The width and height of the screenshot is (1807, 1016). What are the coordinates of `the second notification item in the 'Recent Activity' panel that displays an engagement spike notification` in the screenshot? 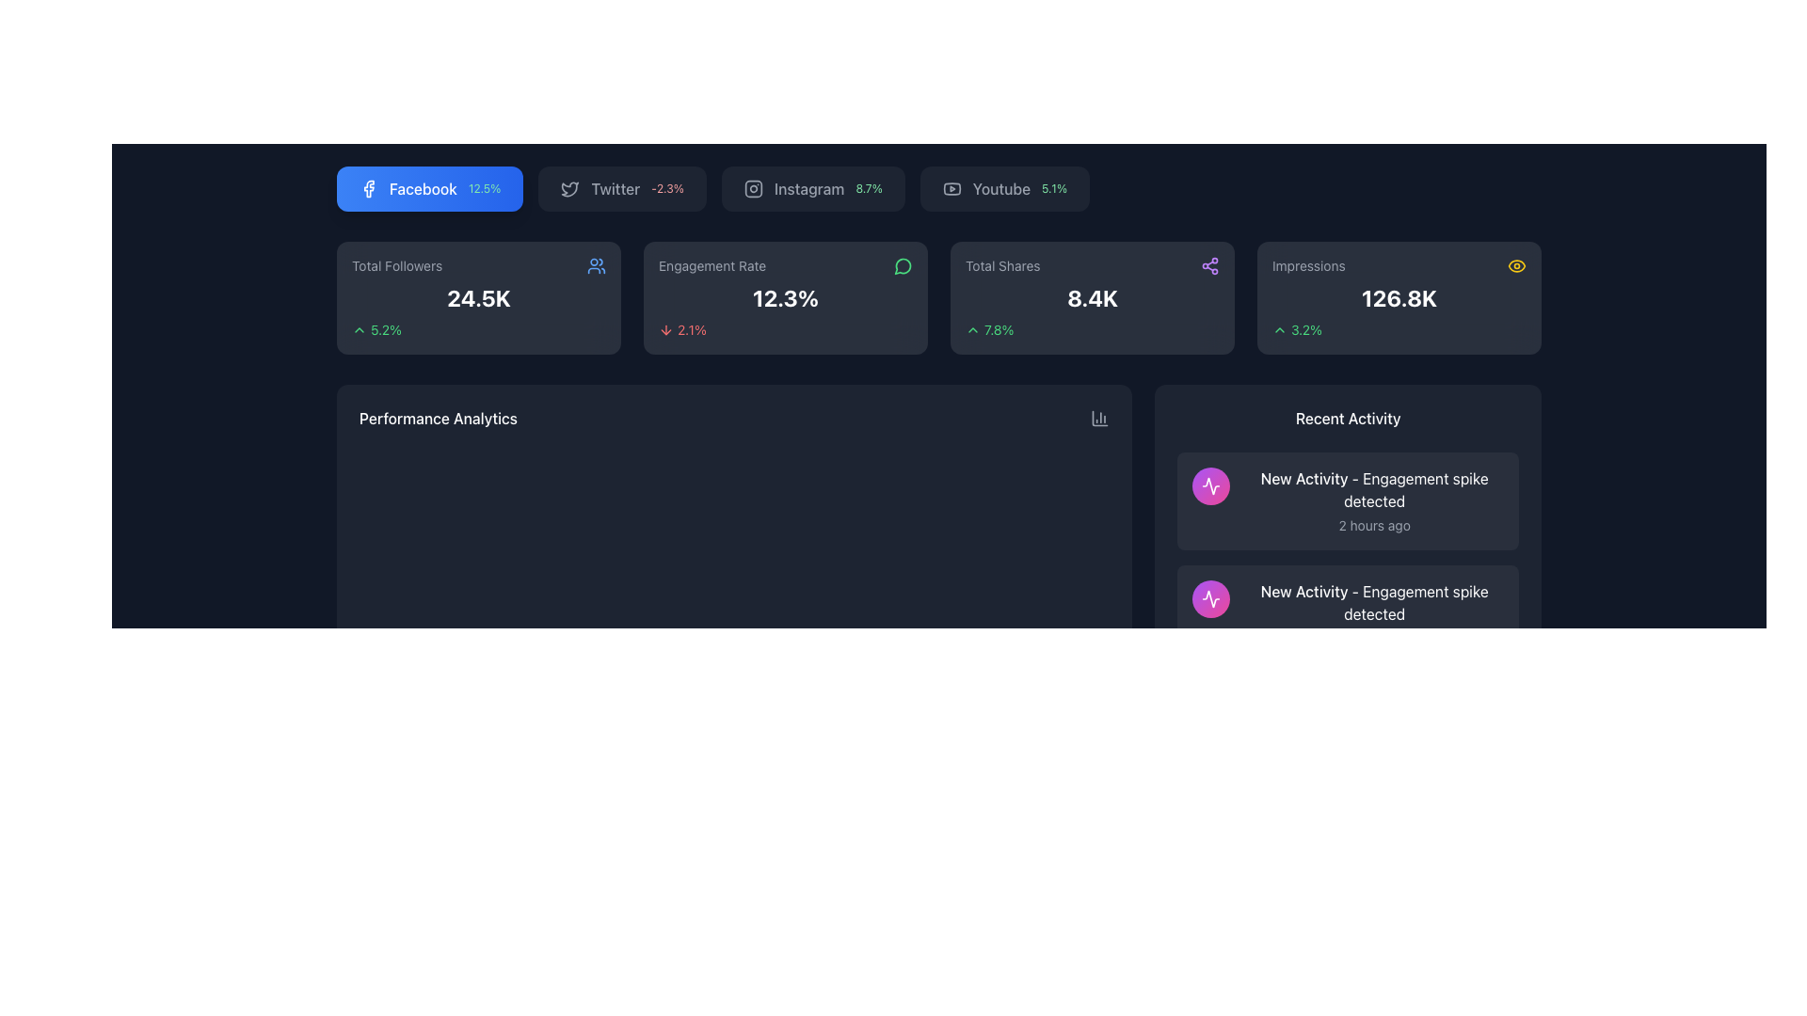 It's located at (1347, 613).